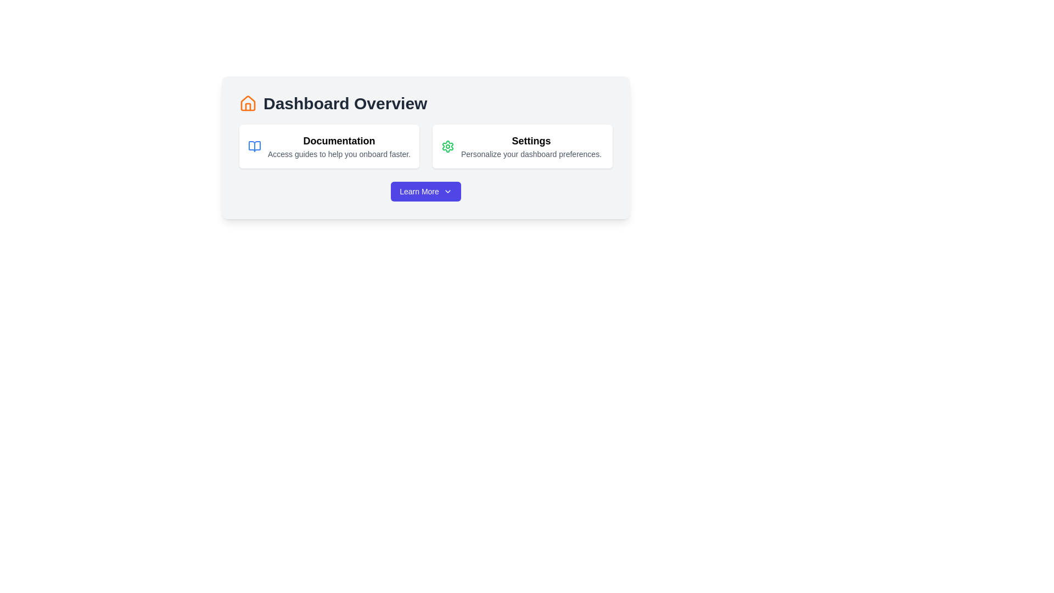 The height and width of the screenshot is (593, 1054). What do you see at coordinates (448, 146) in the screenshot?
I see `the green gear icon located to the left of the 'Settings' text` at bounding box center [448, 146].